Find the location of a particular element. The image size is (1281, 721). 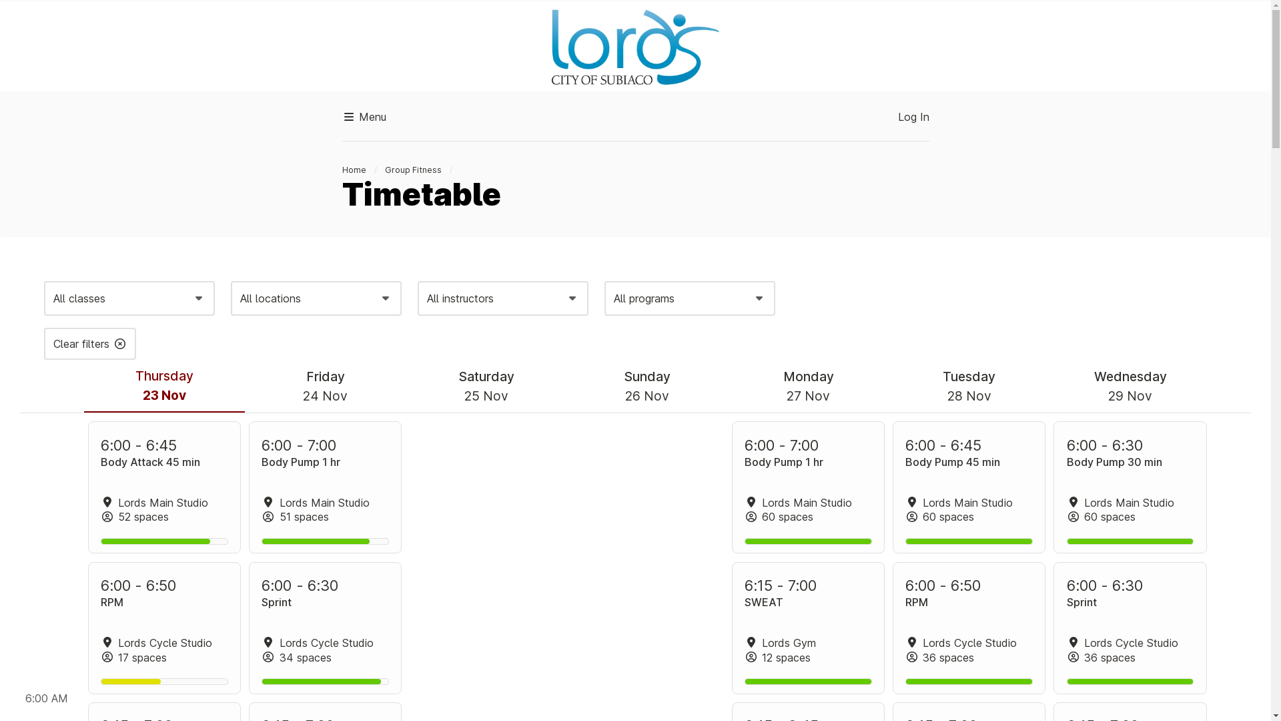

'RPM is located at coordinates (163, 628).